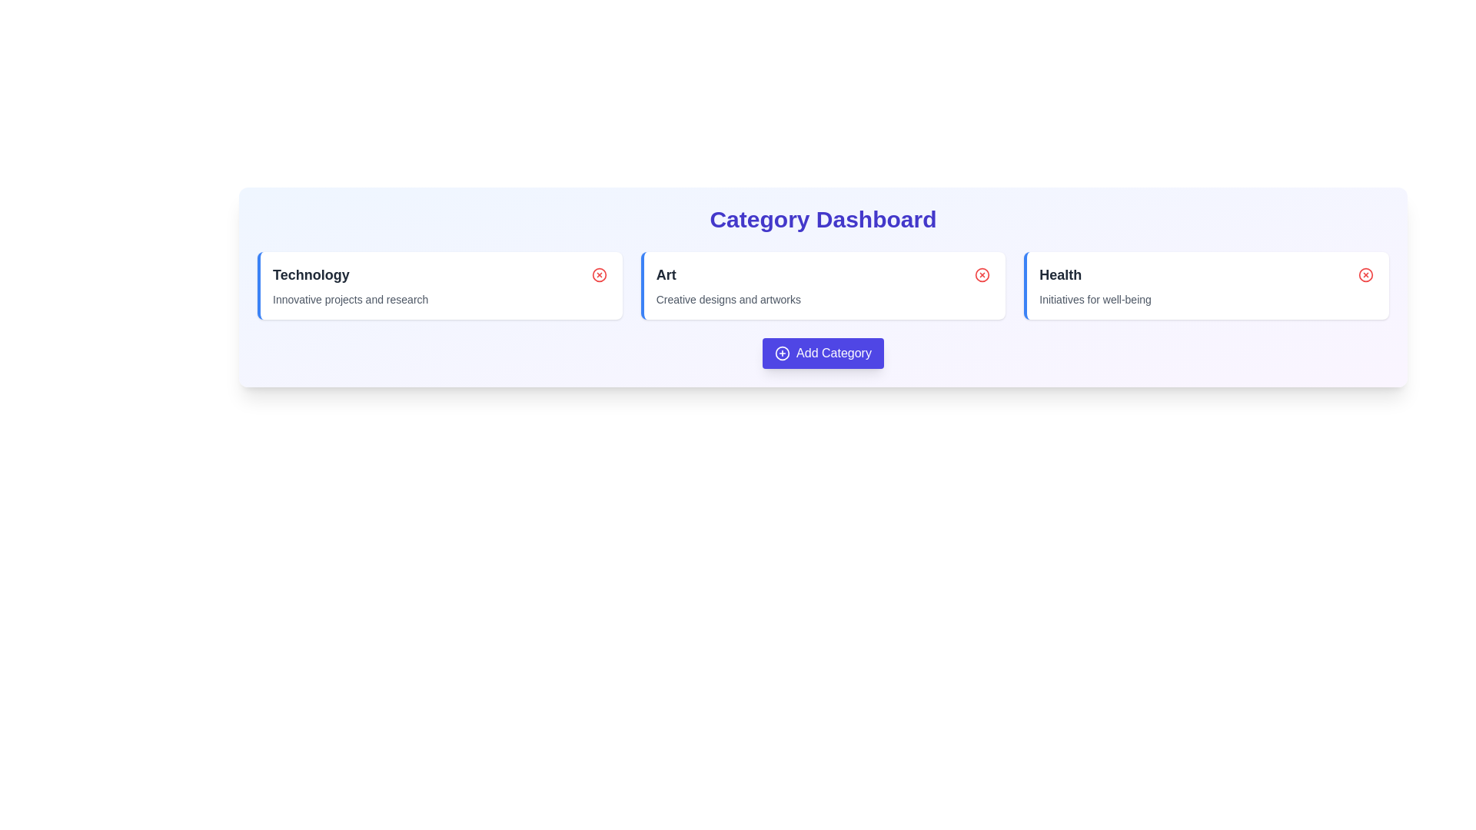 The width and height of the screenshot is (1476, 830). What do you see at coordinates (598, 274) in the screenshot?
I see `the circular button representing a deletion action` at bounding box center [598, 274].